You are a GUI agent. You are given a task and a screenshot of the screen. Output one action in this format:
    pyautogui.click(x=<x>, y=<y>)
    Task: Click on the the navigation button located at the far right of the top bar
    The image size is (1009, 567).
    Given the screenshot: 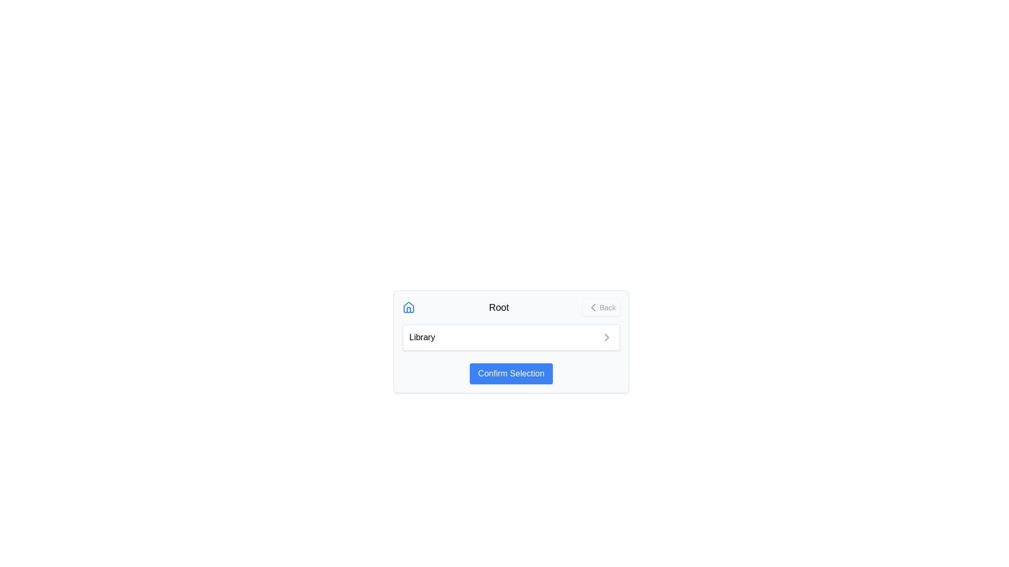 What is the action you would take?
    pyautogui.click(x=601, y=307)
    